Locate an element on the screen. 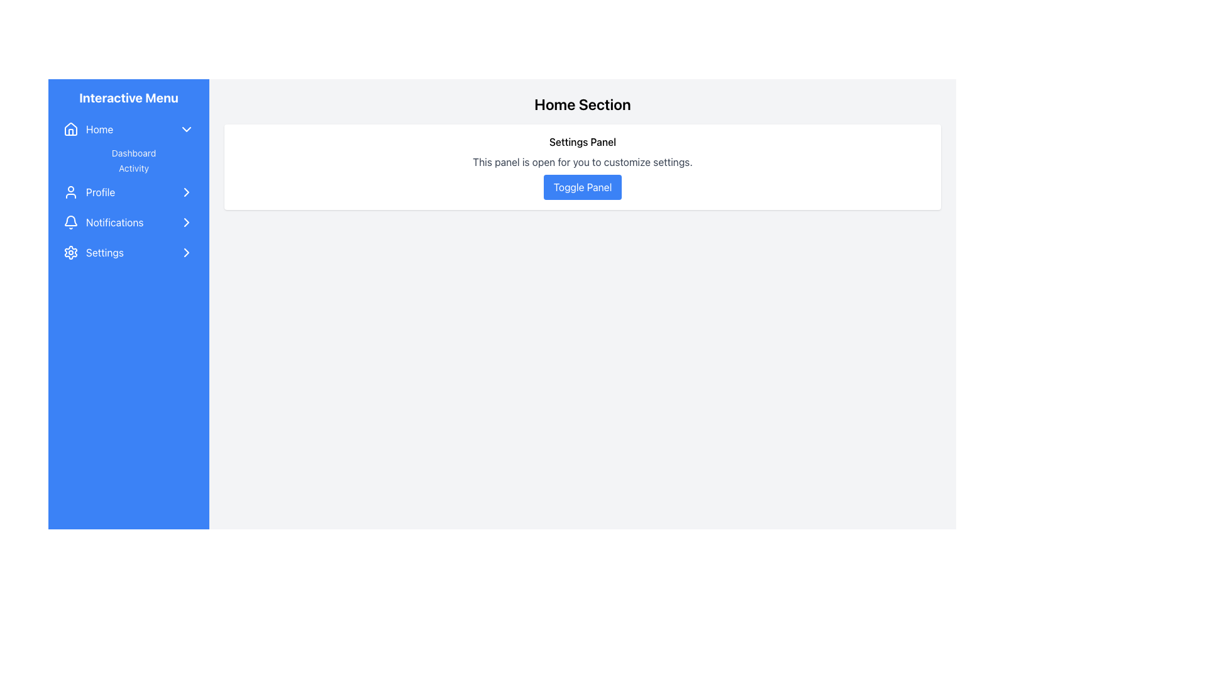 This screenshot has height=679, width=1207. the 'Notifications' text label, which is styled in white text on a blue background and is the fourth item in the vertical menu of the left sidebar is located at coordinates (114, 222).